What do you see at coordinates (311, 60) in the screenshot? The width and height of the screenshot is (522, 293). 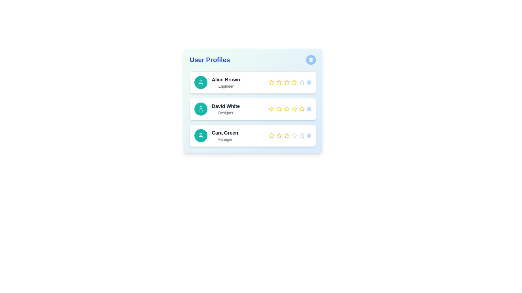 I see `the cogwheel icon, which is the settings icon located at the top-right corner of the 'User Profiles' card within a blue circular button` at bounding box center [311, 60].